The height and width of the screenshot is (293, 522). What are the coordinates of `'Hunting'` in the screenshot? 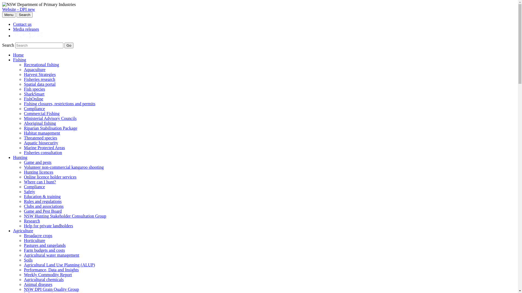 It's located at (20, 157).